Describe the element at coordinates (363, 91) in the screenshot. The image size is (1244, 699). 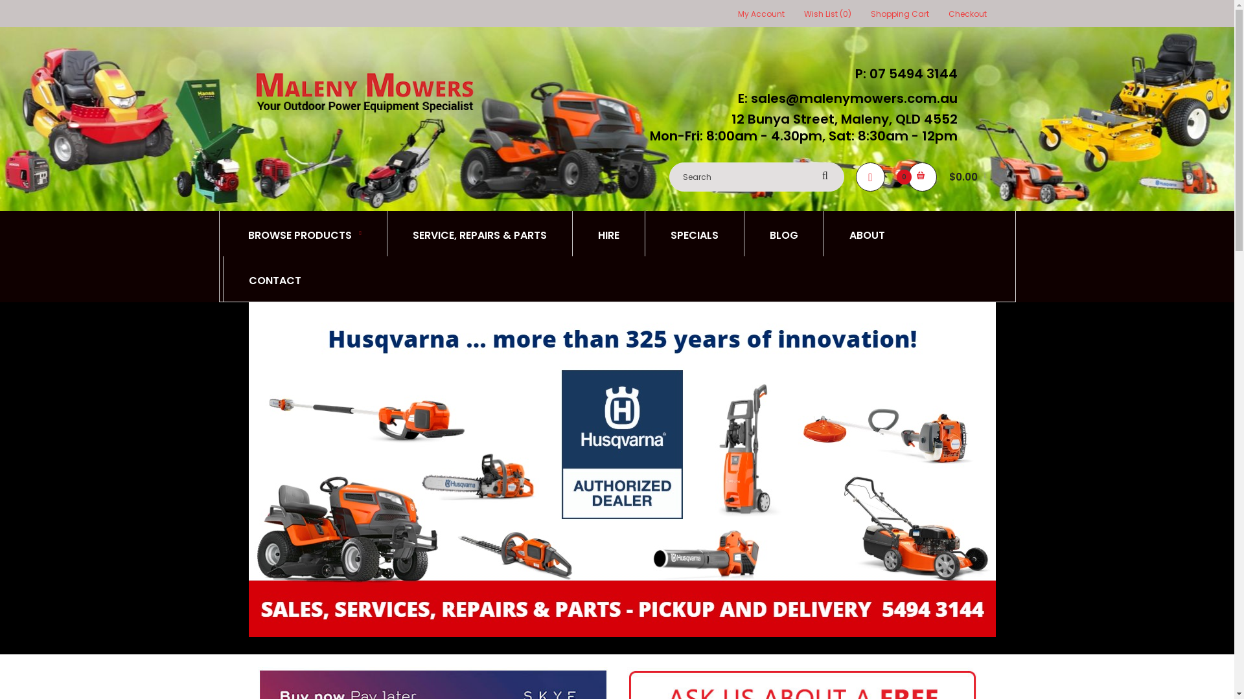
I see `'Maleny Mowers'` at that location.